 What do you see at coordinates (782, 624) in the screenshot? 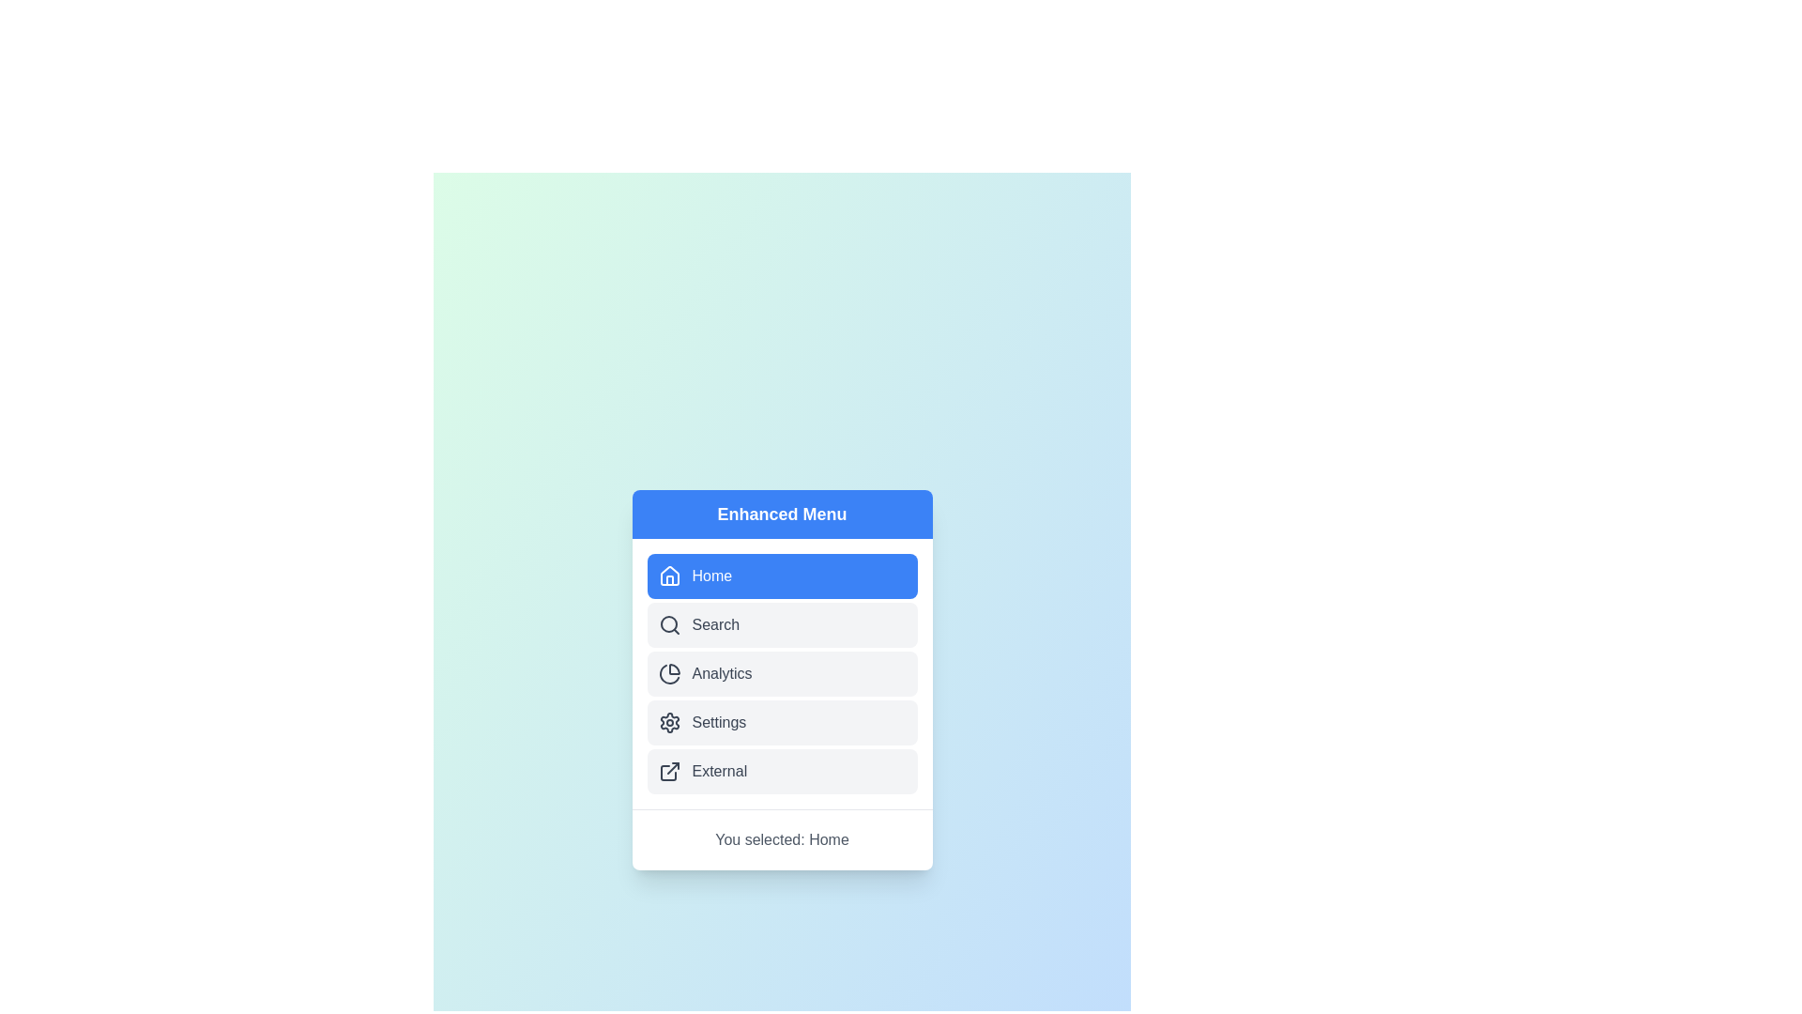
I see `the menu item labeled Search to view its hover effect` at bounding box center [782, 624].